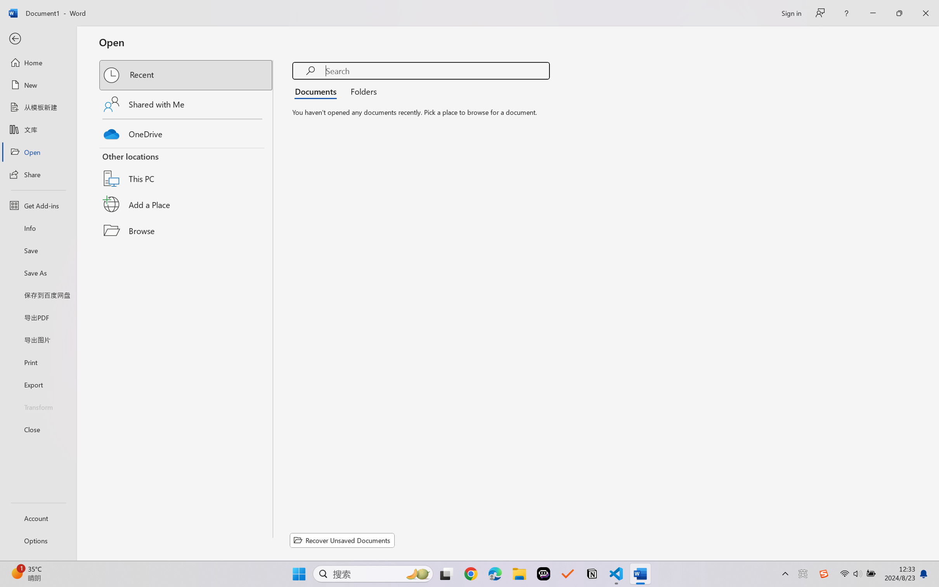 Image resolution: width=939 pixels, height=587 pixels. Describe the element at coordinates (38, 84) in the screenshot. I see `'New'` at that location.